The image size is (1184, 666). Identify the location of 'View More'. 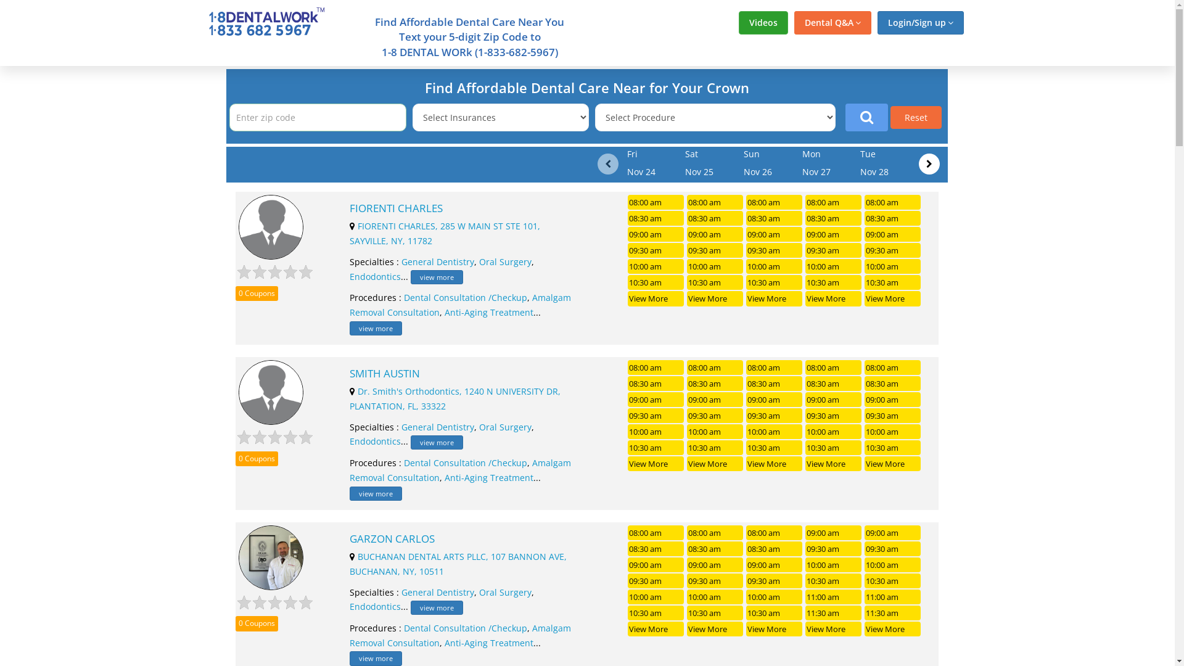
(655, 298).